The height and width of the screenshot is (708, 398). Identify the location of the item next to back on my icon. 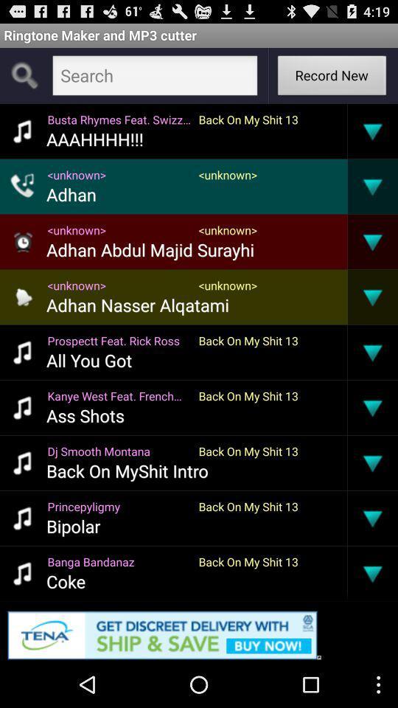
(85, 415).